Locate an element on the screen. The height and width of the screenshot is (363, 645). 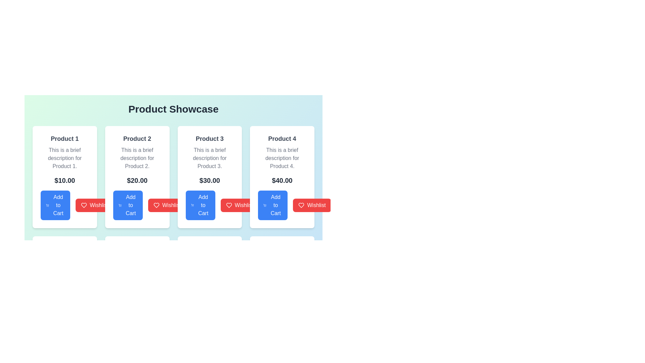
the text label that serves as the title for the product displayed in the rightmost card of the product showcase is located at coordinates (282, 138).